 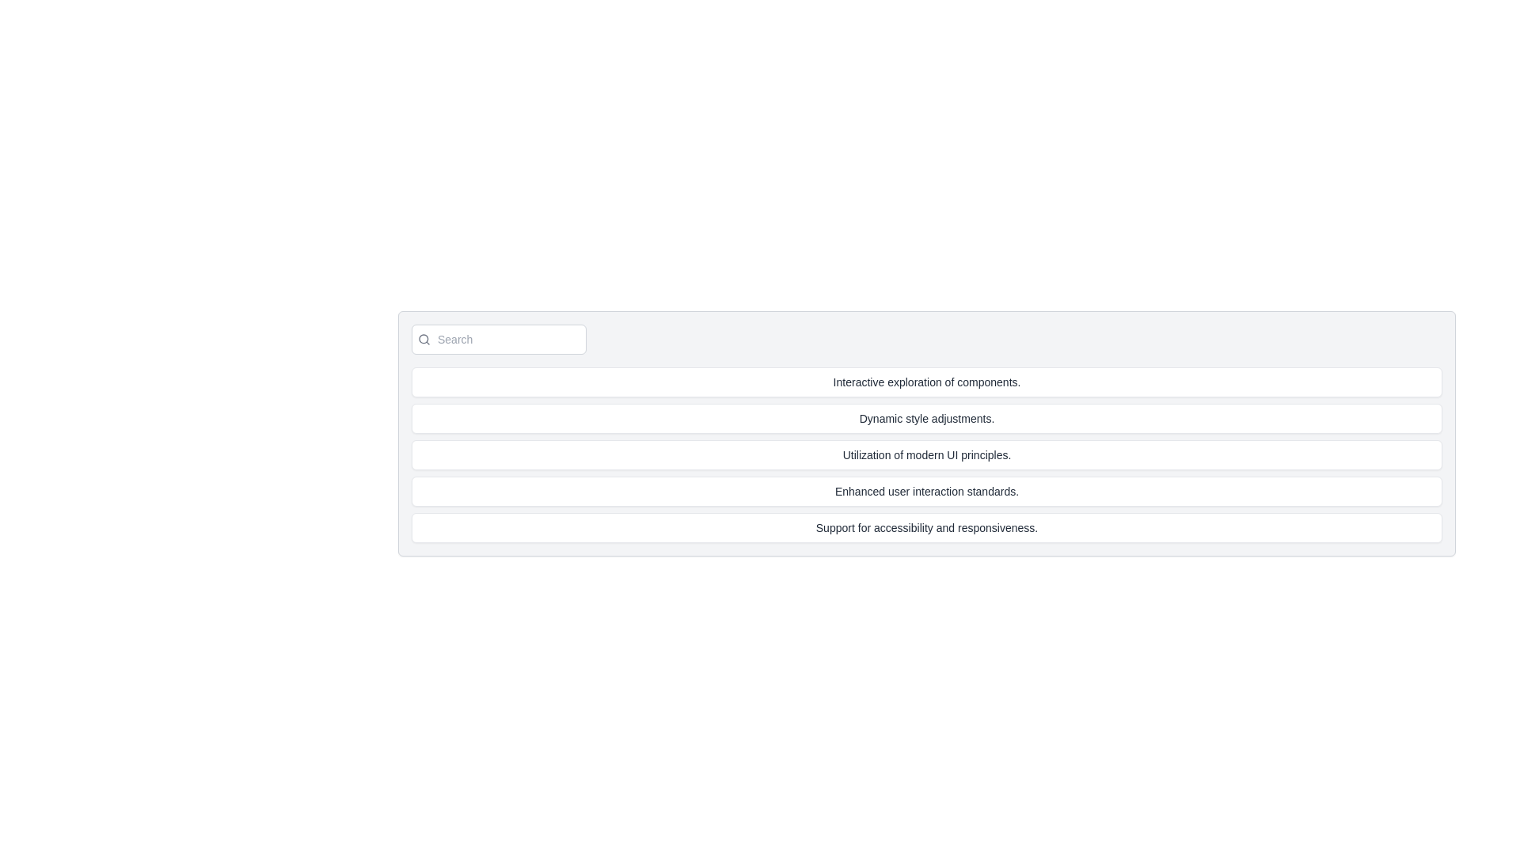 I want to click on the letter 'i' which is the 15th character in the text 'Interactive exploration of components.', so click(x=870, y=382).